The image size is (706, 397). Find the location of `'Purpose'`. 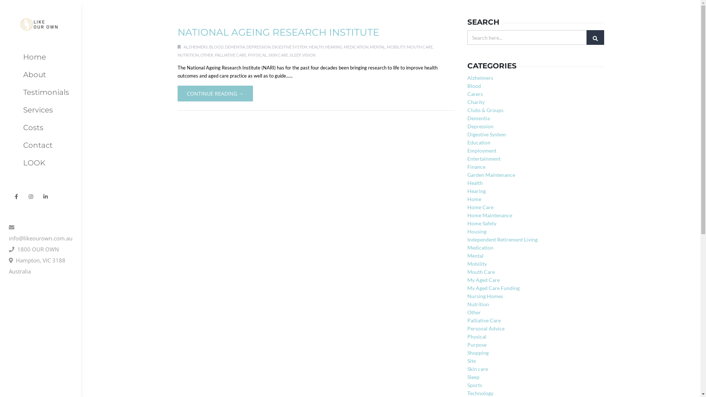

'Purpose' is located at coordinates (477, 344).